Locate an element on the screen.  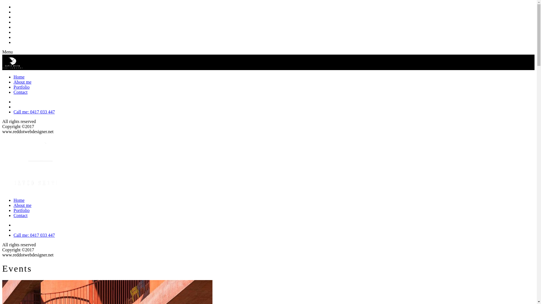
'Home' is located at coordinates (19, 200).